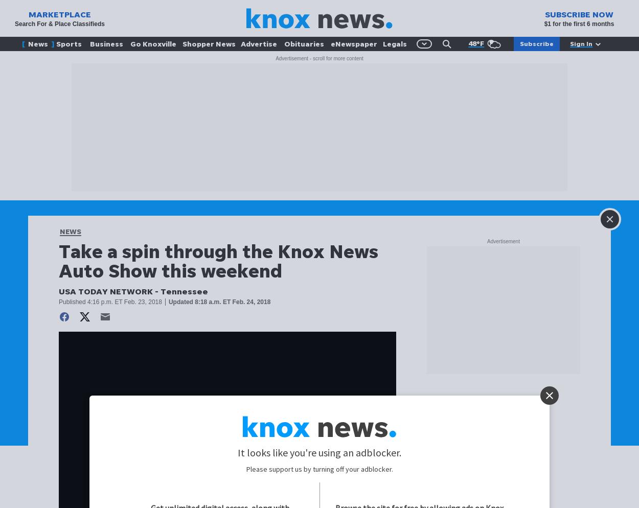 This screenshot has height=508, width=639. I want to click on 'Sports', so click(69, 43).